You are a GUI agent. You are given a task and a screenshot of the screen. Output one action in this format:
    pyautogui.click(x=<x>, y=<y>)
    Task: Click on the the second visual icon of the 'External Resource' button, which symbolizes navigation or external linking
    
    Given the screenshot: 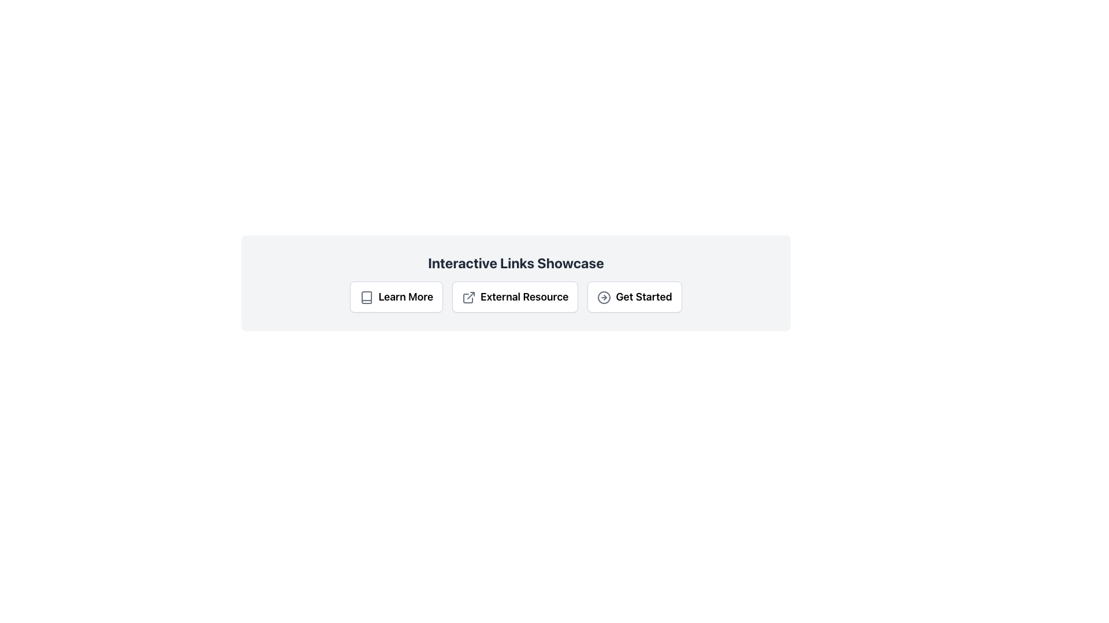 What is the action you would take?
    pyautogui.click(x=471, y=295)
    